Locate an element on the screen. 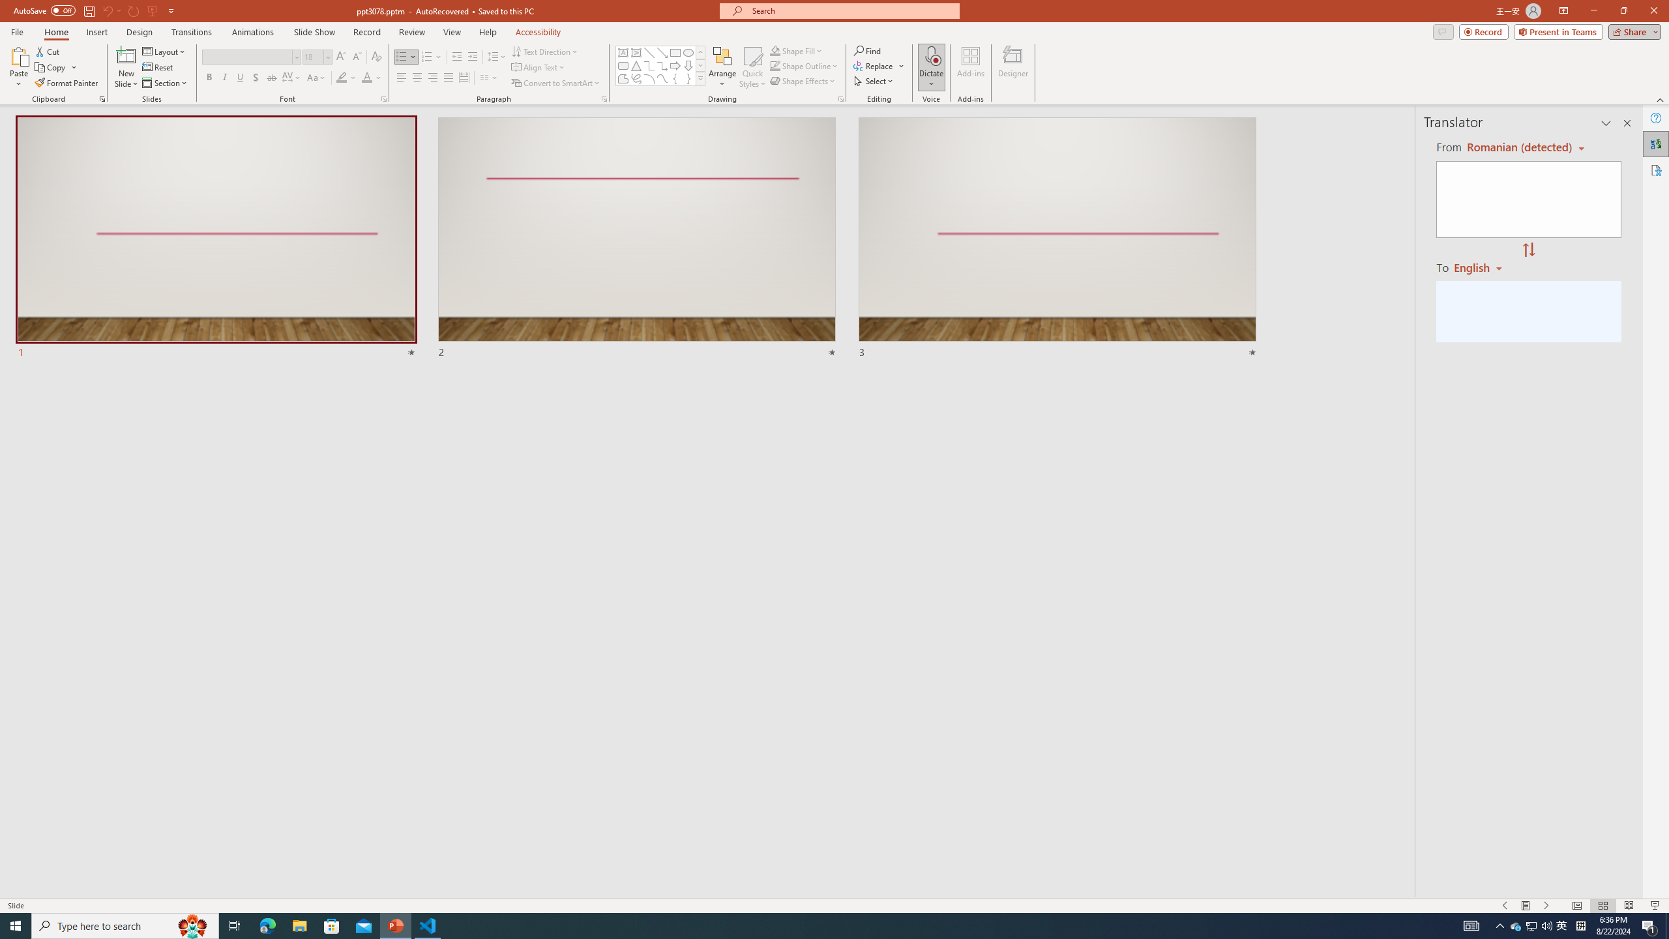 The height and width of the screenshot is (939, 1669). 'Decrease Indent' is located at coordinates (457, 57).